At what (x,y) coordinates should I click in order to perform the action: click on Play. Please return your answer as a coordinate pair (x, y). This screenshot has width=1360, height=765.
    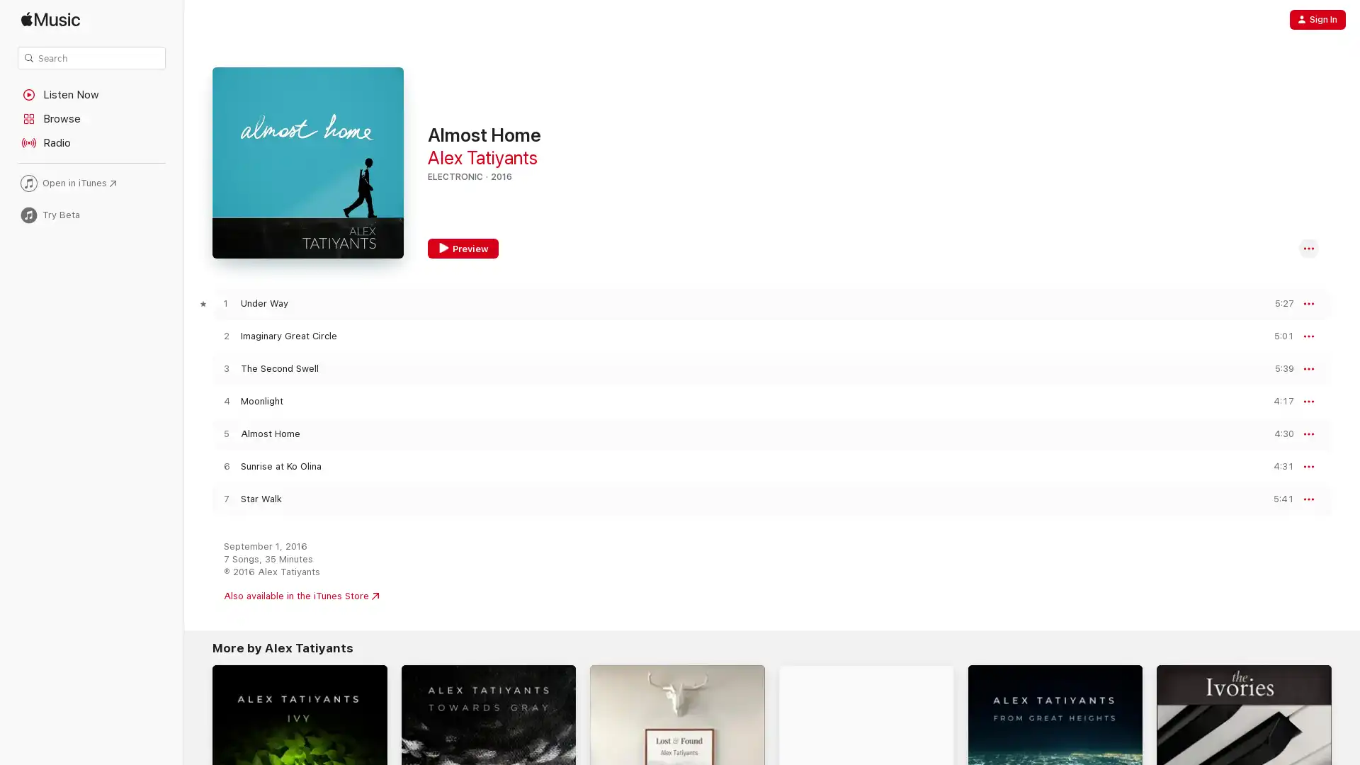
    Looking at the image, I should click on (225, 466).